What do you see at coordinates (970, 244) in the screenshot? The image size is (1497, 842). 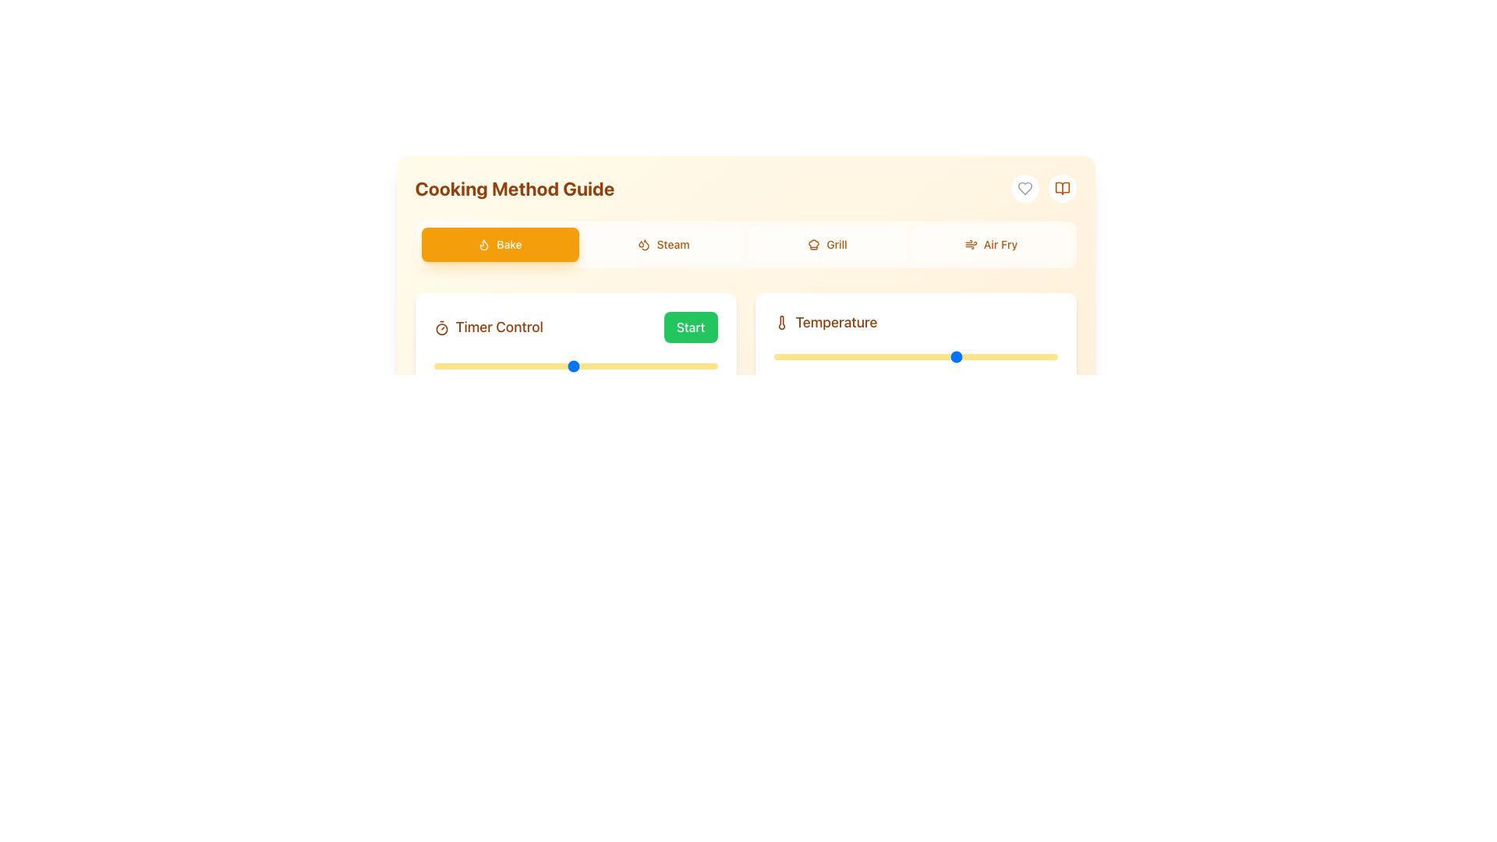 I see `the 'Air Fry' button icon, which resembles wind streaks with three wavy horizontal lines, positioned to the left of the 'Air Fry' text label` at bounding box center [970, 244].